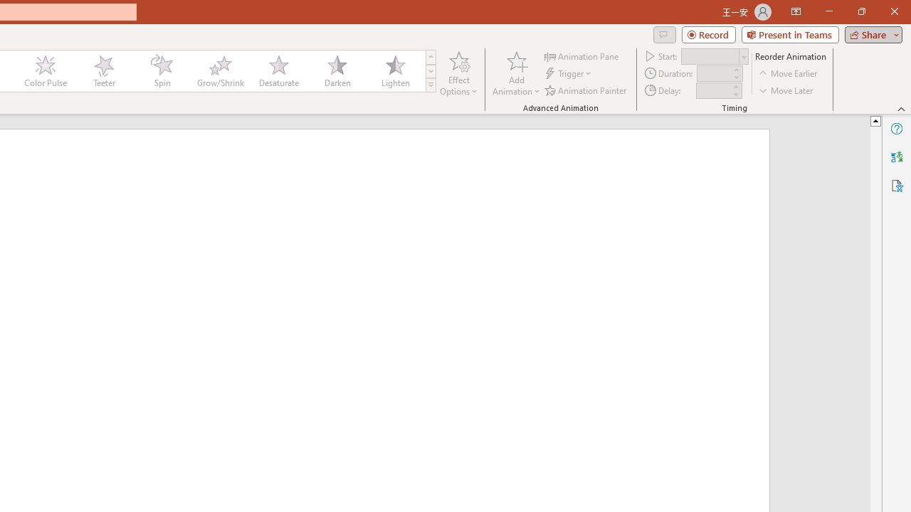 The height and width of the screenshot is (512, 911). I want to click on 'Trigger', so click(569, 73).